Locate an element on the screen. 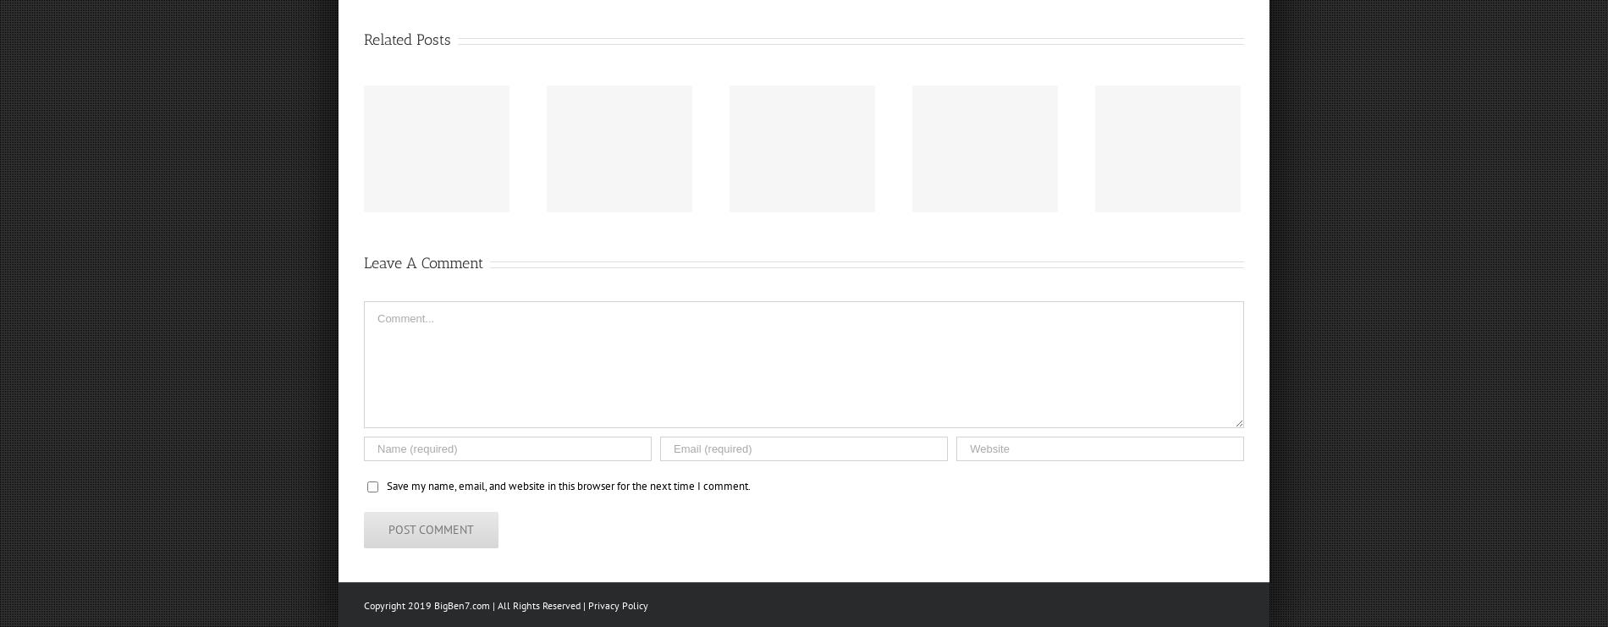 The image size is (1608, 627). '“Footbahlin’ with Ben Roethlisberger”, Episode 43' is located at coordinates (655, 166).